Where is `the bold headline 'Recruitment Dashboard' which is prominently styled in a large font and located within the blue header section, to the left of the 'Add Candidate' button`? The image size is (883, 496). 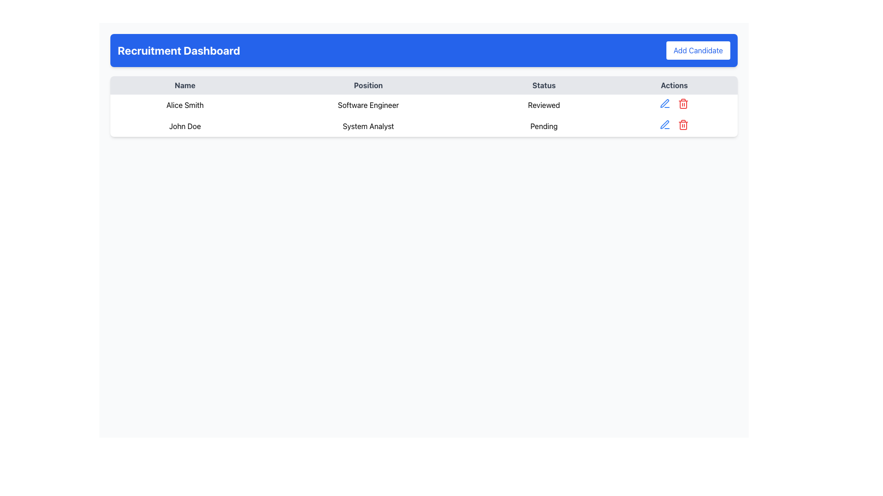 the bold headline 'Recruitment Dashboard' which is prominently styled in a large font and located within the blue header section, to the left of the 'Add Candidate' button is located at coordinates (178, 51).